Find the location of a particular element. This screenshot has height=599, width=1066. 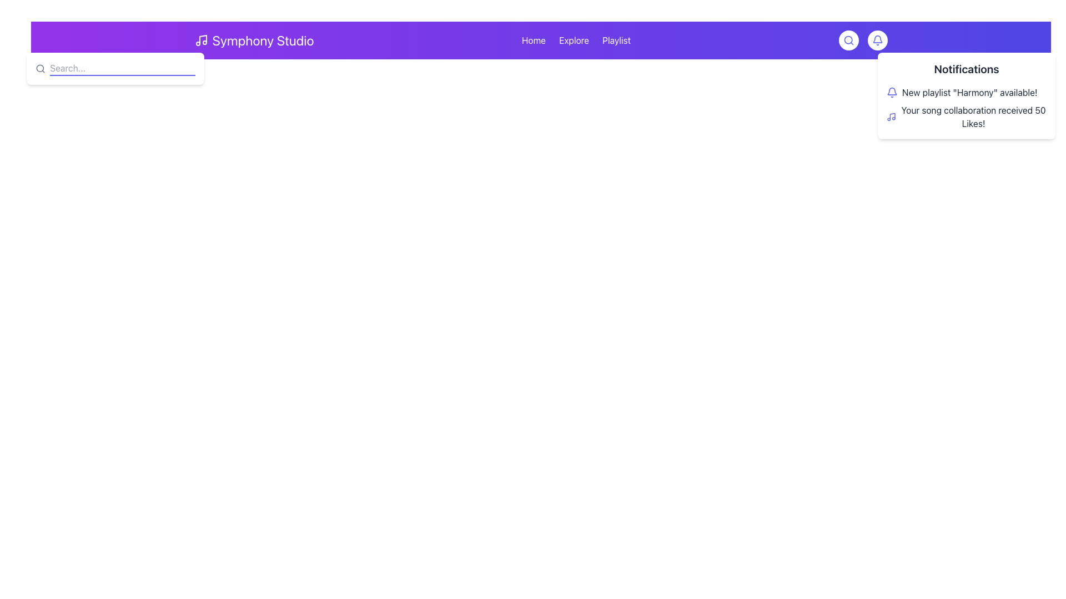

the circular button with a white background and indigo bell icon, located in the purple navigation bar is located at coordinates (877, 40).